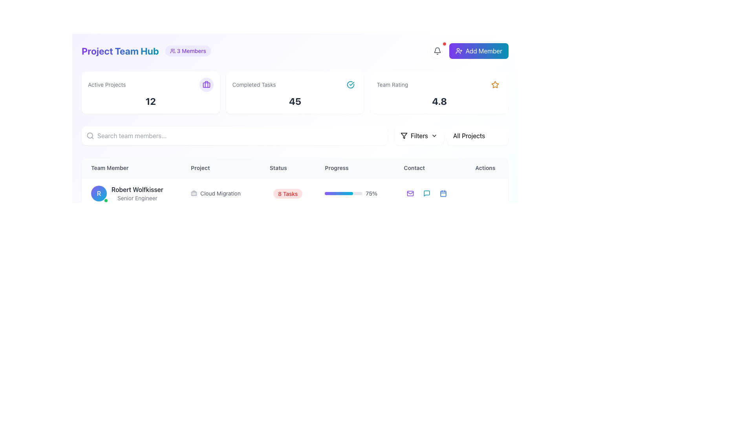 The image size is (754, 424). I want to click on the progress visually by interacting with the progress bar representing the completion status of a task, which is located in the 'Progress' column of the data table, so click(354, 253).